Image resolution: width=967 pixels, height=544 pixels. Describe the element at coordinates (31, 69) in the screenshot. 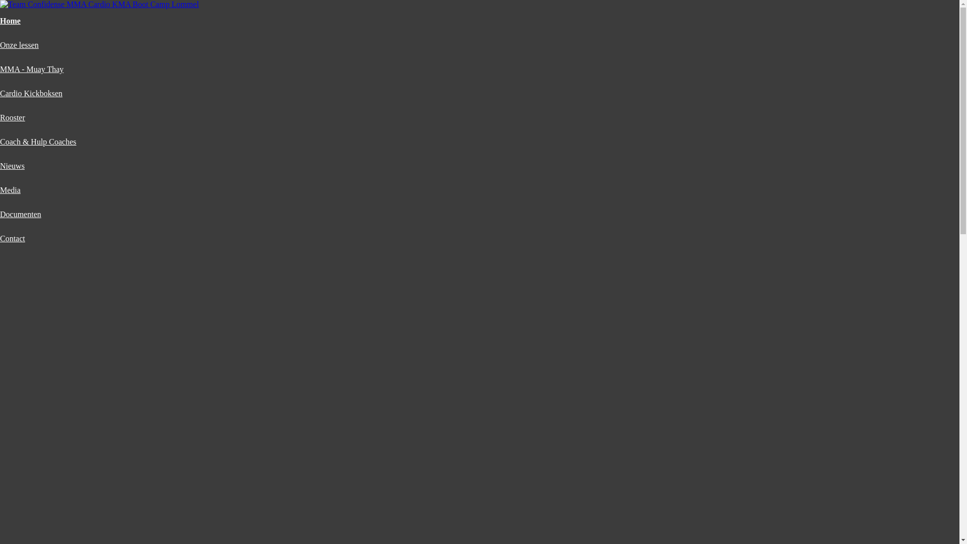

I see `'MMA - Muay Thay'` at that location.